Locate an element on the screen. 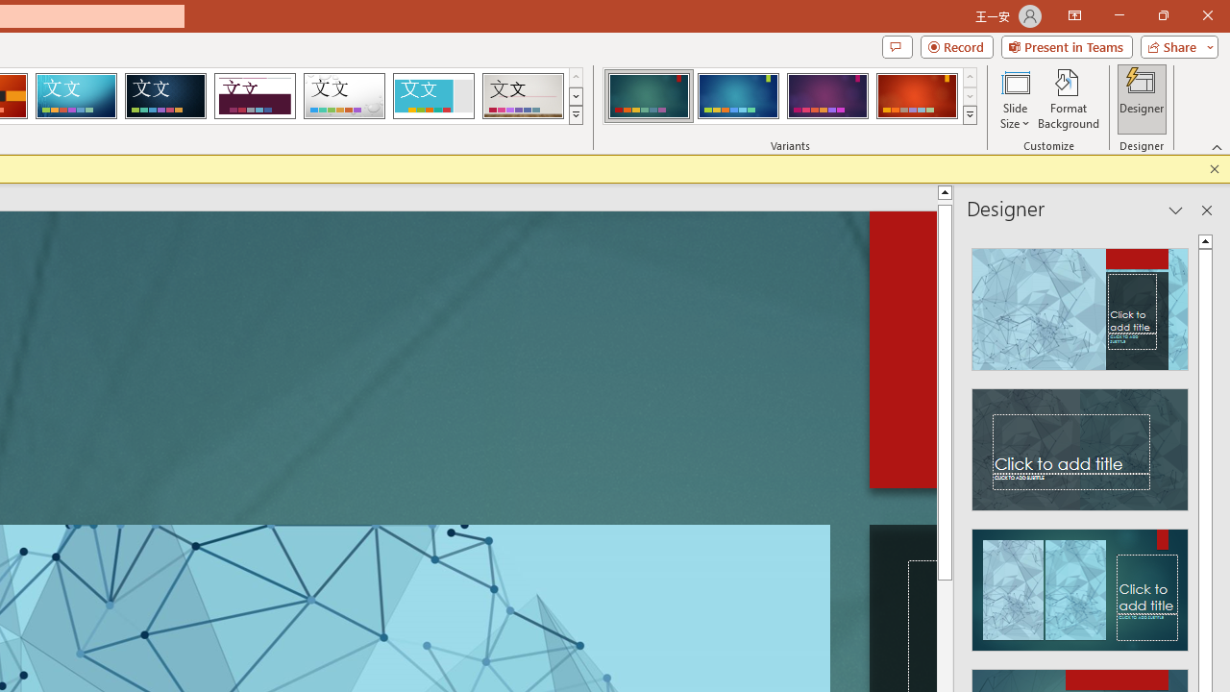 The height and width of the screenshot is (692, 1230). 'Ion Variant 3' is located at coordinates (827, 96).